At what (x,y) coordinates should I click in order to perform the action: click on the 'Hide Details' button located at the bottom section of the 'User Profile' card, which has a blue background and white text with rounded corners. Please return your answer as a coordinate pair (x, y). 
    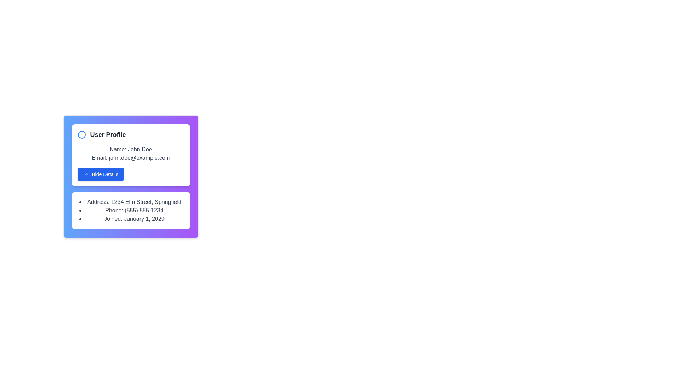
    Looking at the image, I should click on (100, 174).